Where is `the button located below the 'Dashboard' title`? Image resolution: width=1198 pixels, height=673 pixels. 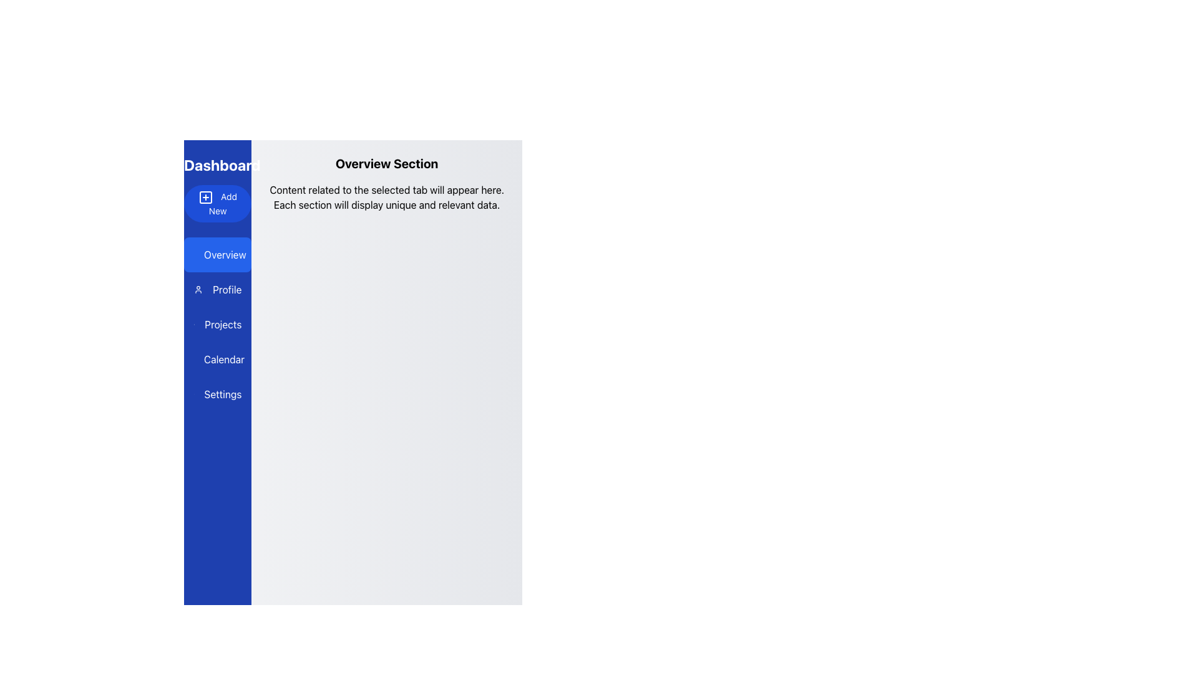
the button located below the 'Dashboard' title is located at coordinates (218, 203).